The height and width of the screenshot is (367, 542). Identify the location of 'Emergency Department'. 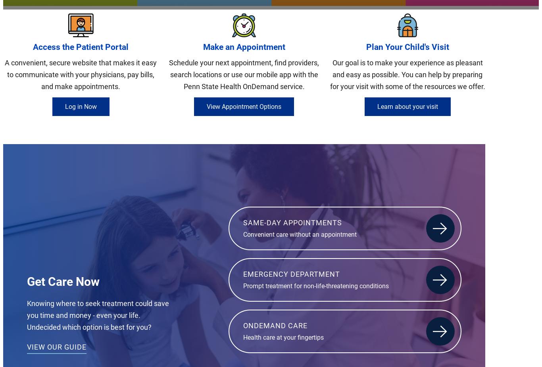
(292, 273).